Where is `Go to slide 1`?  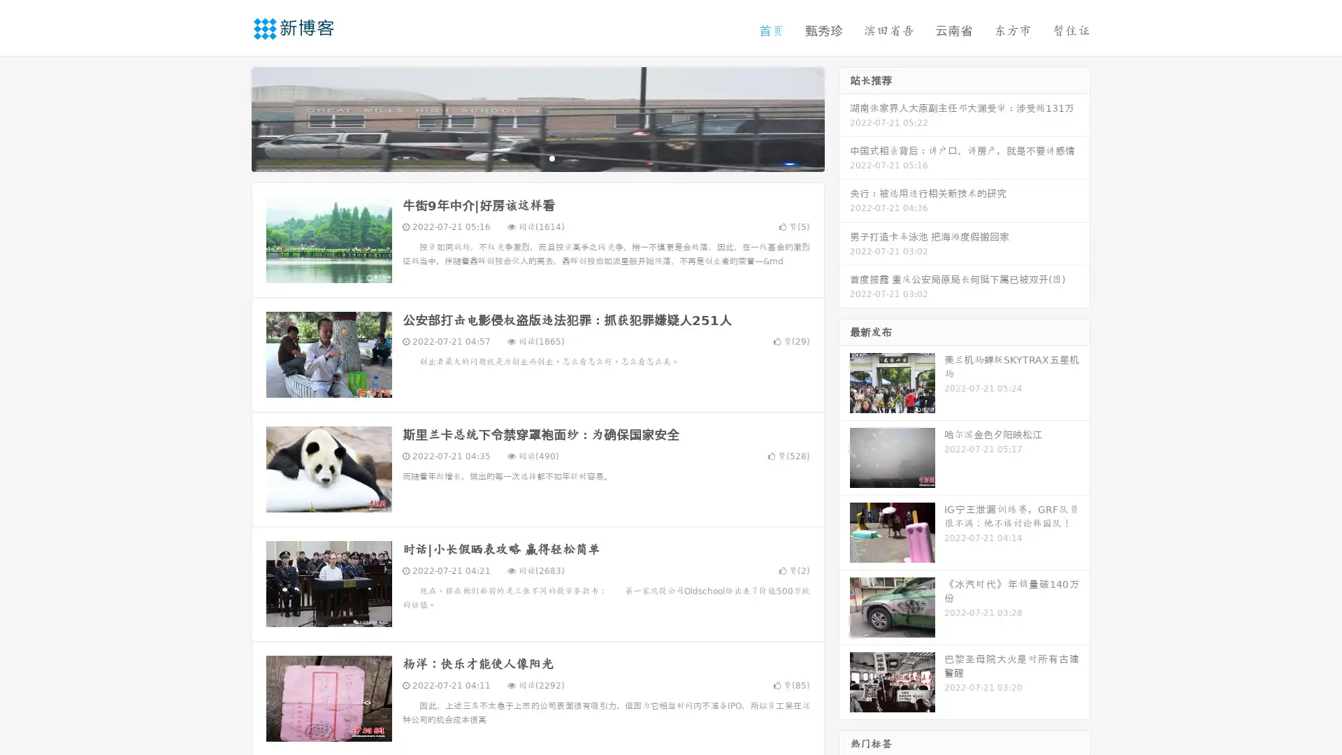
Go to slide 1 is located at coordinates (523, 157).